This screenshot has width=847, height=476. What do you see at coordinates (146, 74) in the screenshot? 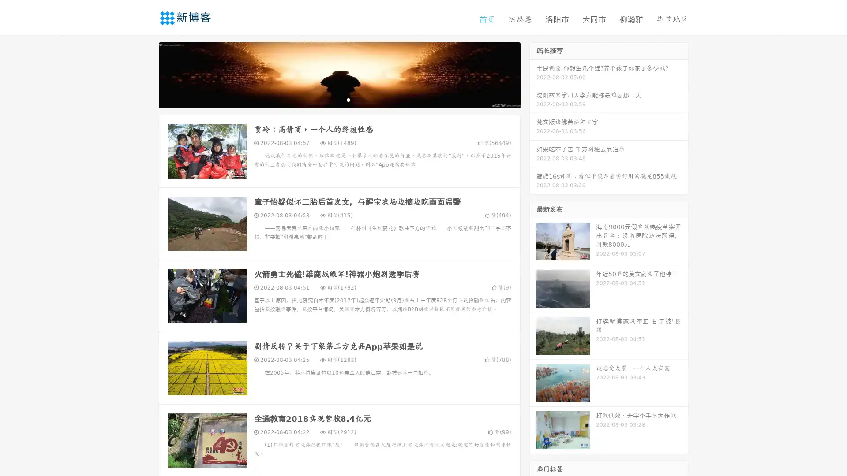
I see `Previous slide` at bounding box center [146, 74].